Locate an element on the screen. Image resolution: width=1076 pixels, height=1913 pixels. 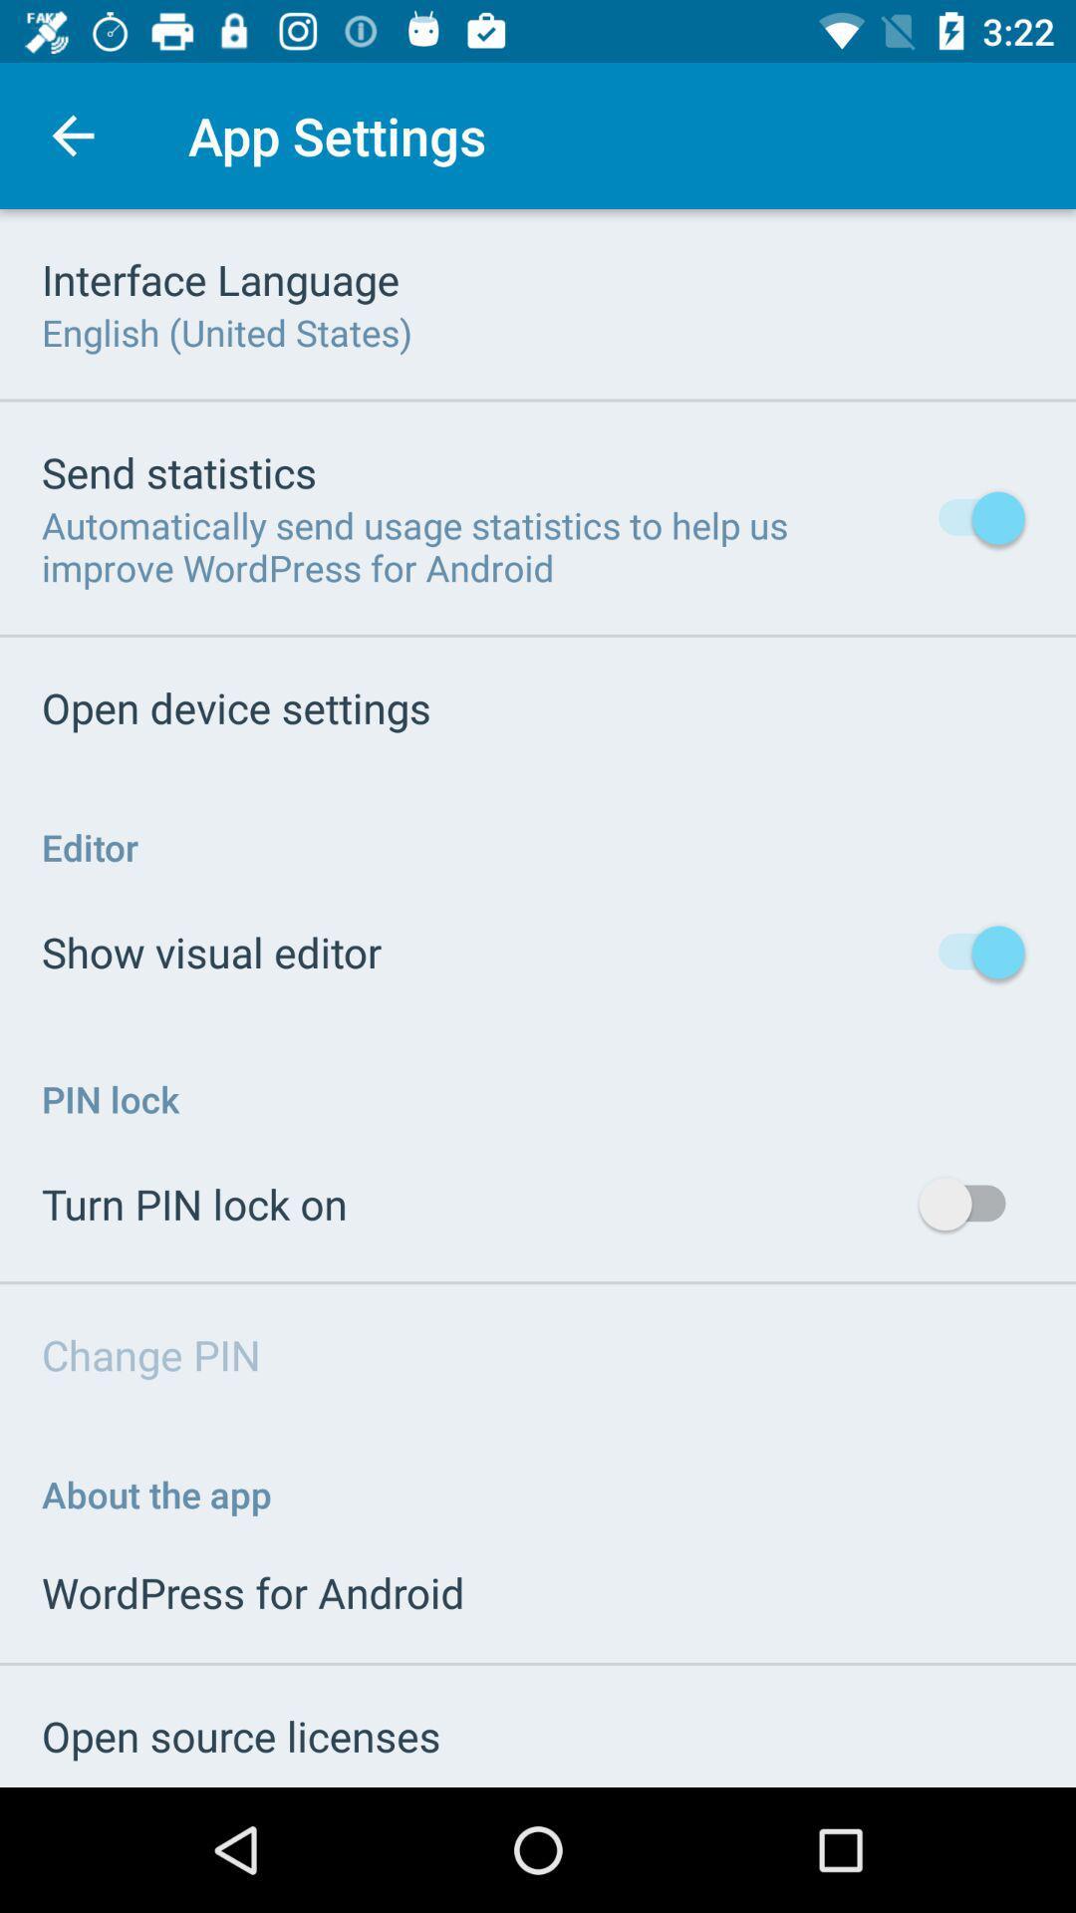
interface language icon is located at coordinates (220, 278).